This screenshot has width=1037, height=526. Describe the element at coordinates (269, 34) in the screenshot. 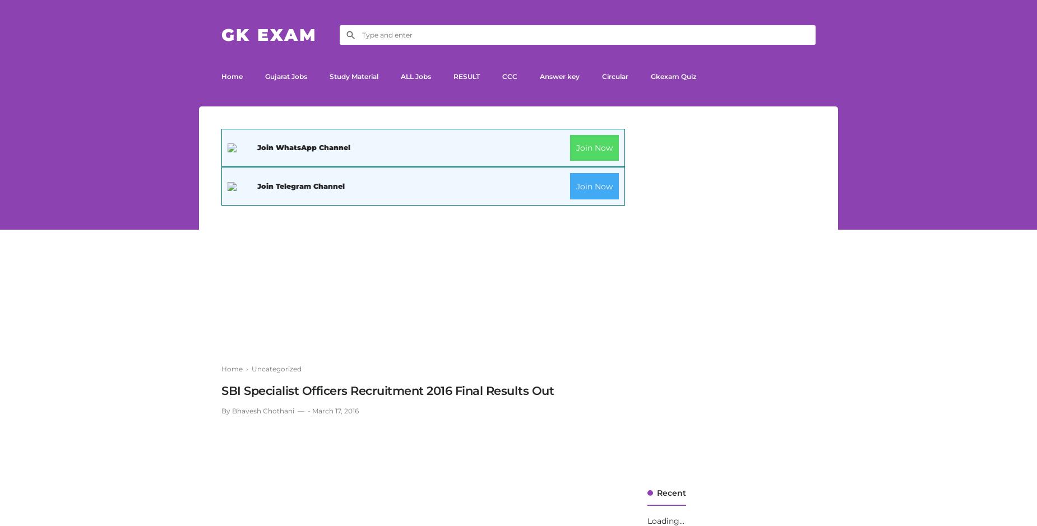

I see `'GK Exam'` at that location.